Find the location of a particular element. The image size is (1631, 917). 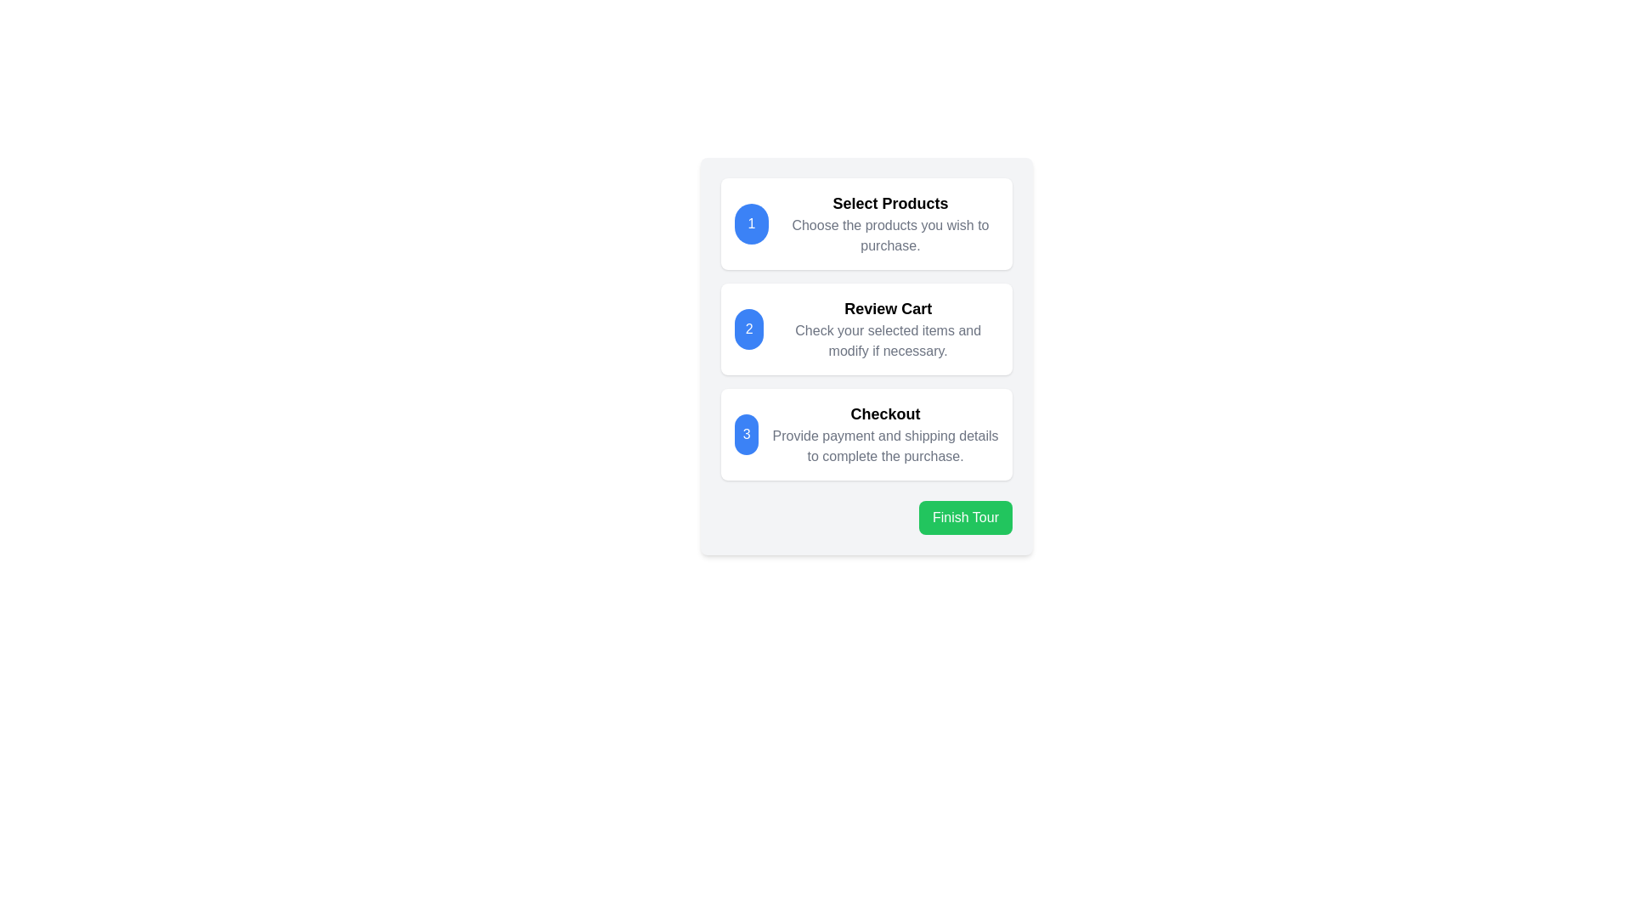

the List with items (steps) and supplementary description that guides users through the online purchase journey, including steps like 'Select Products,' 'Review Cart,' and 'Checkout.' is located at coordinates (866, 356).